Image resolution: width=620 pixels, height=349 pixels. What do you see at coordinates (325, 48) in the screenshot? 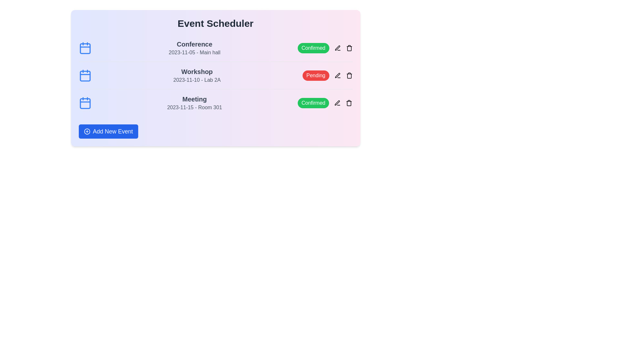
I see `the Status indicator of the 'Conference' event, which visually confirms its status as 'Confirmed'` at bounding box center [325, 48].